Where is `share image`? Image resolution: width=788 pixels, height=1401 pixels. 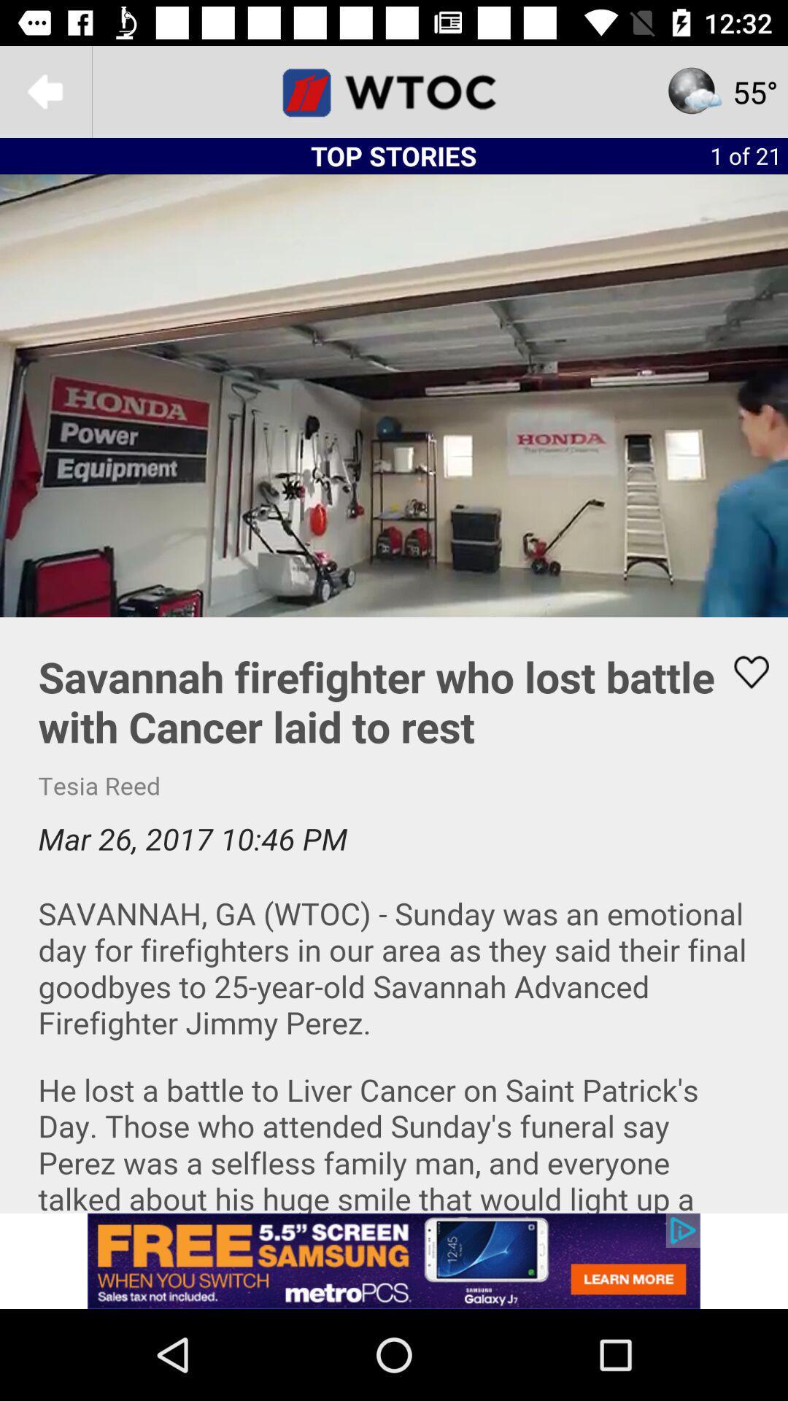
share image is located at coordinates (742, 671).